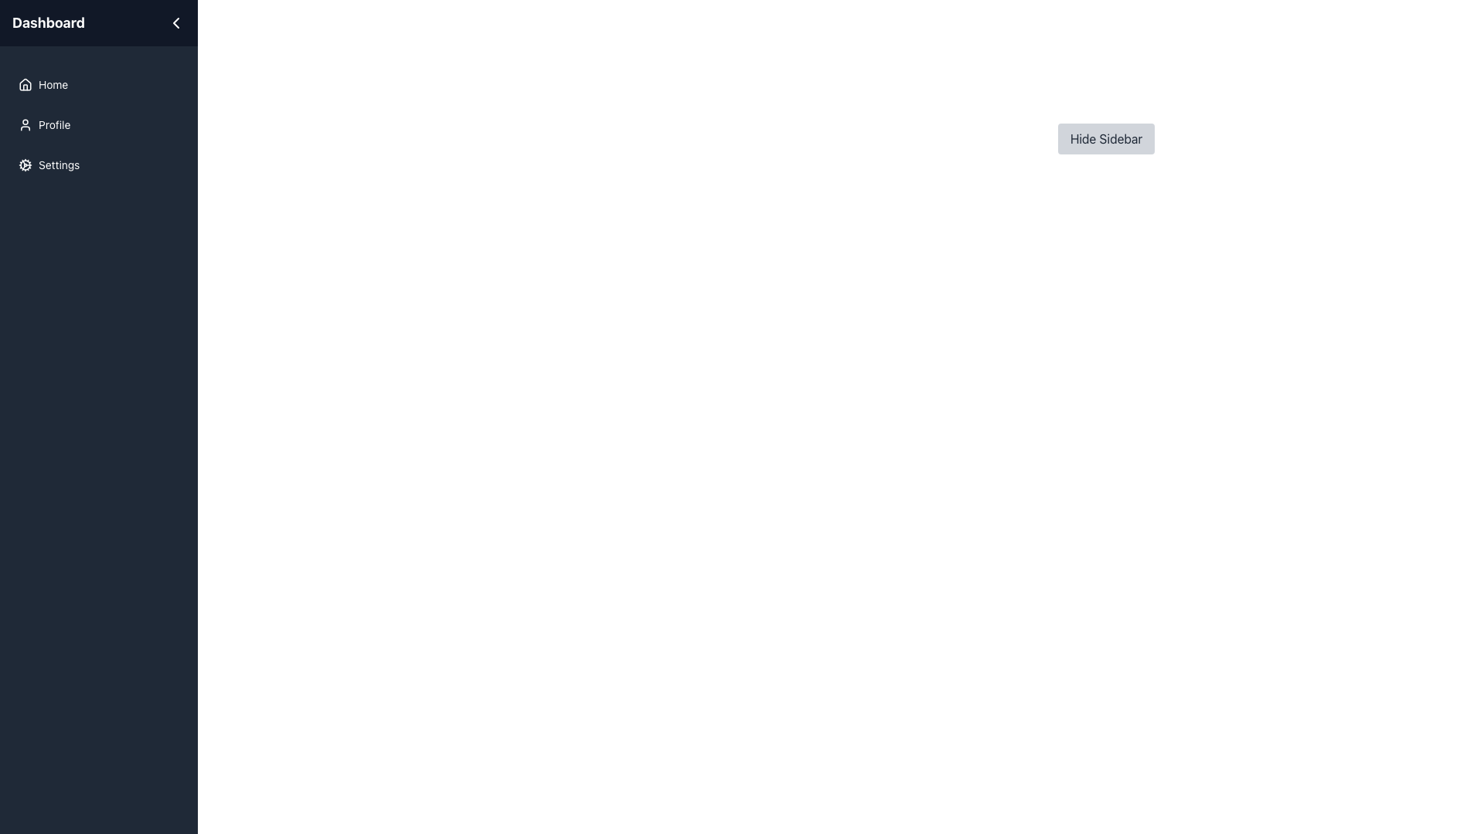 This screenshot has width=1484, height=834. I want to click on the user profile icon located in the sidebar navigation menu, so click(26, 124).